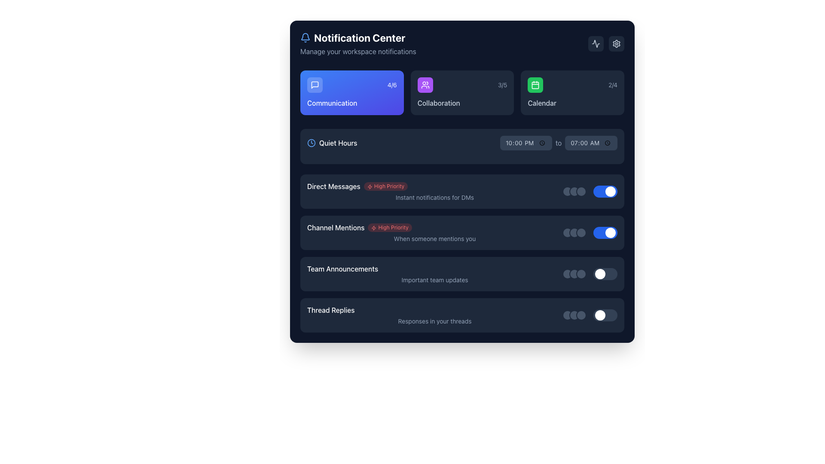 The width and height of the screenshot is (825, 464). What do you see at coordinates (358, 51) in the screenshot?
I see `the descriptive text label located directly beneath the 'Notification Center' heading in the header section of the interface` at bounding box center [358, 51].